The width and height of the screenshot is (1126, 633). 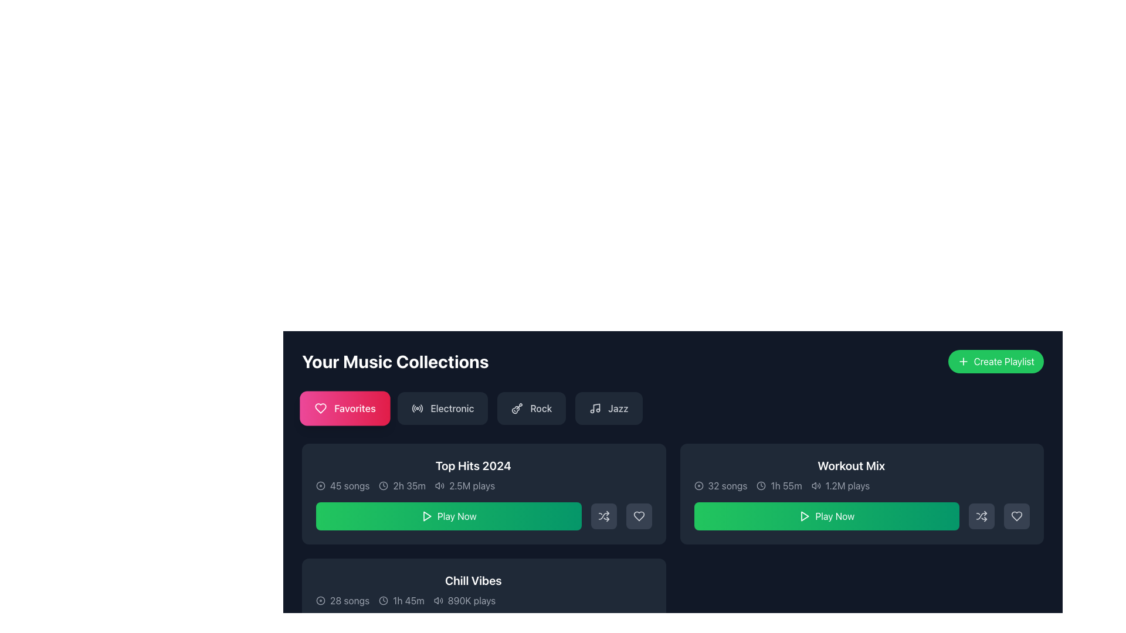 What do you see at coordinates (1016, 515) in the screenshot?
I see `the favorite button located at the far right of the horizontal row under the 'Workout Mix' section to favorite or unfavorite the playlist` at bounding box center [1016, 515].